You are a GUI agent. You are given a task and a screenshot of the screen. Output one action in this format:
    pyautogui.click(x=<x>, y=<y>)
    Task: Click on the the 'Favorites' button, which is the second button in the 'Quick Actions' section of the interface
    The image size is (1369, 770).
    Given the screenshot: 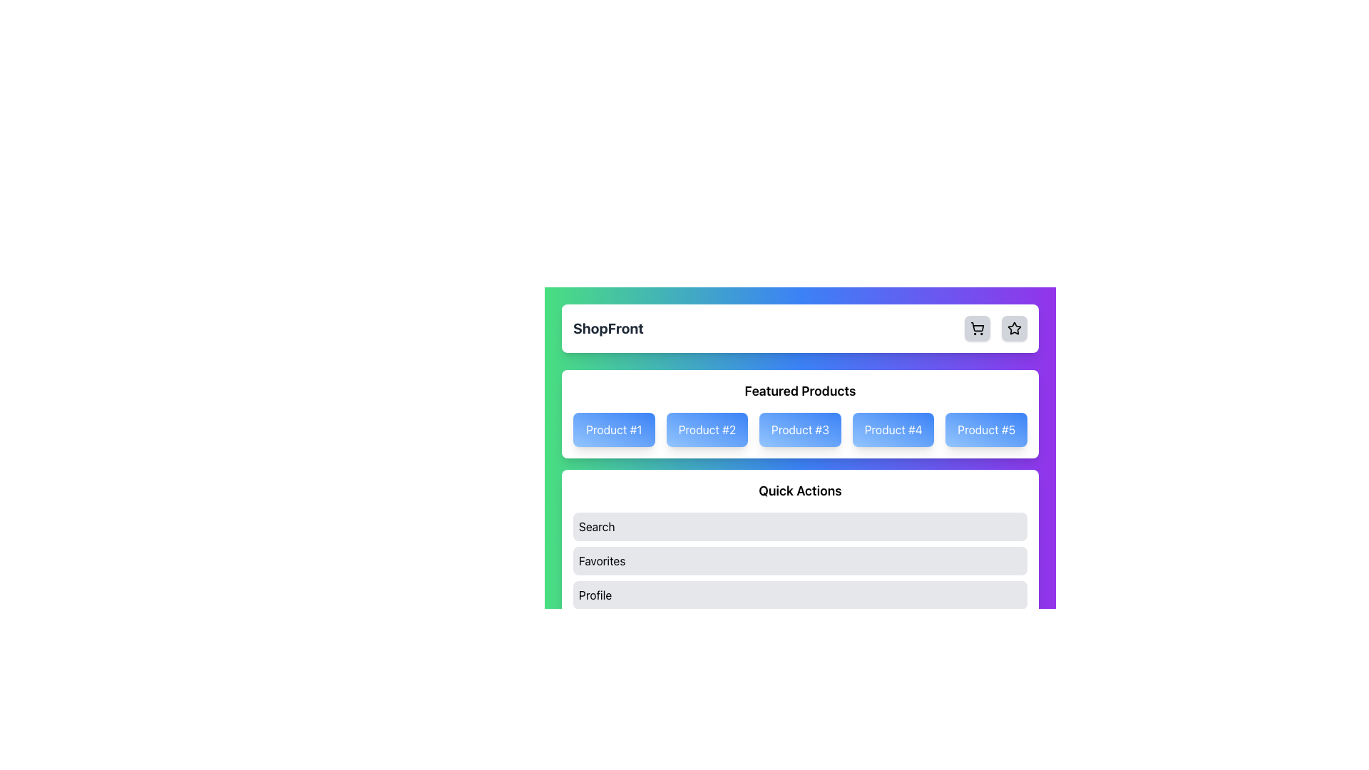 What is the action you would take?
    pyautogui.click(x=800, y=560)
    